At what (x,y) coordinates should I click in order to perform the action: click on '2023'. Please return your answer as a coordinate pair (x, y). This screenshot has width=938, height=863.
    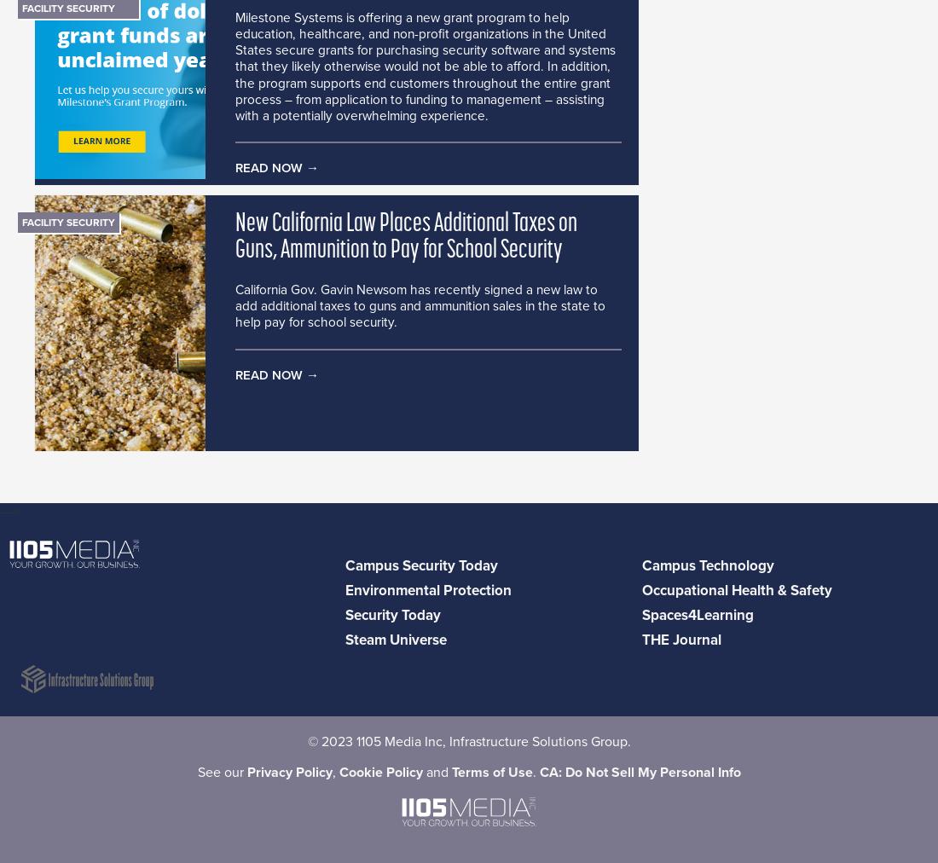
    Looking at the image, I should click on (336, 741).